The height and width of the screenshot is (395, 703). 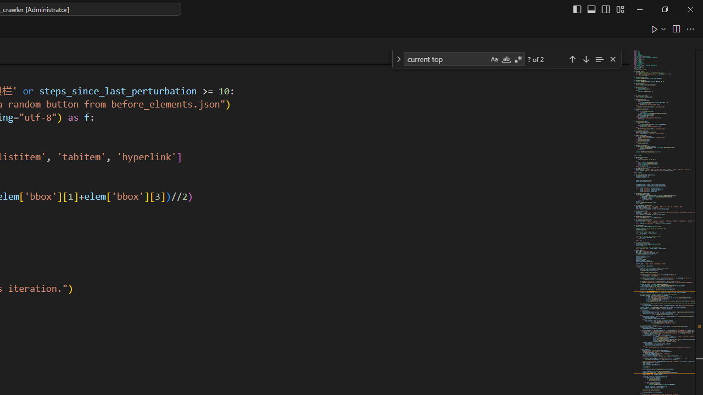 I want to click on 'Editor actions', so click(x=673, y=28).